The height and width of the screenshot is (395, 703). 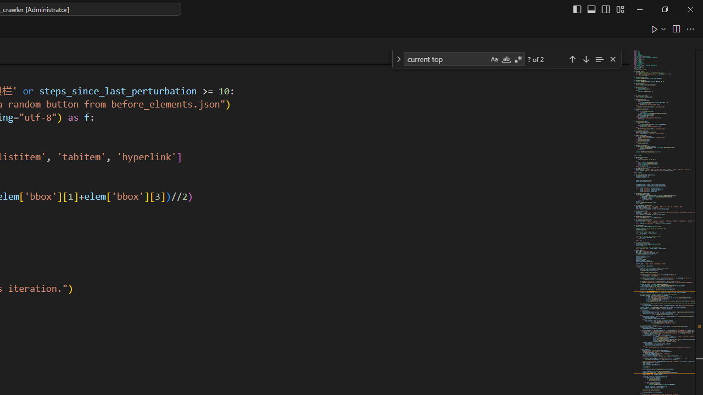 I want to click on 'Editor actions', so click(x=673, y=28).